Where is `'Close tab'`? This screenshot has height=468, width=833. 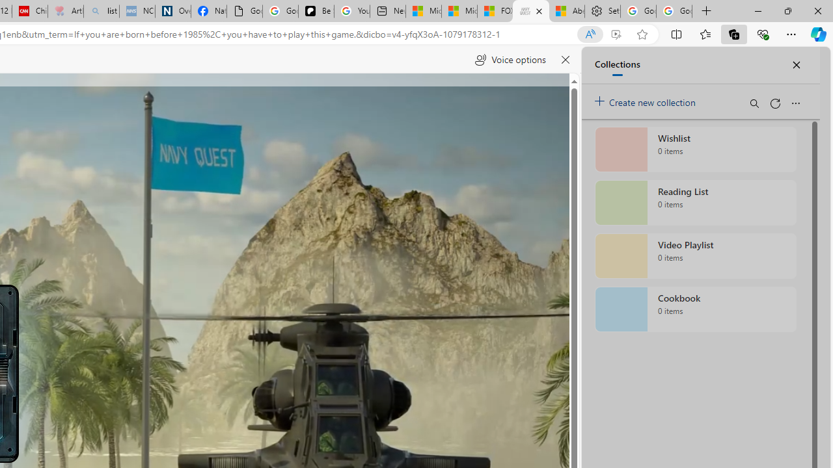 'Close tab' is located at coordinates (539, 11).